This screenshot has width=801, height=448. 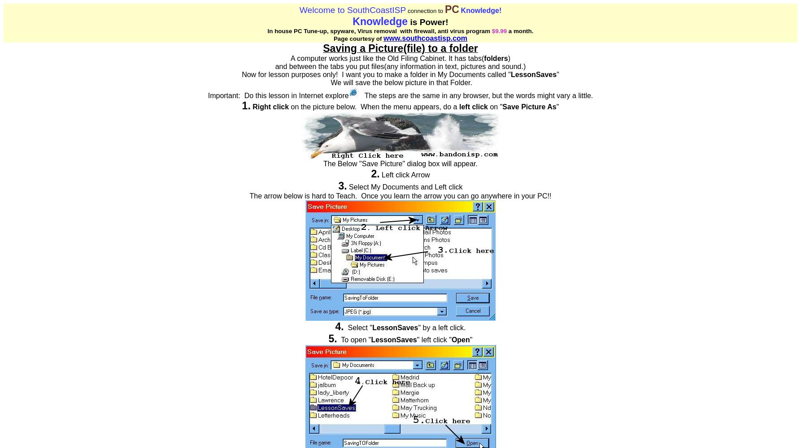 I want to click on 'Save Picture As', so click(x=529, y=106).